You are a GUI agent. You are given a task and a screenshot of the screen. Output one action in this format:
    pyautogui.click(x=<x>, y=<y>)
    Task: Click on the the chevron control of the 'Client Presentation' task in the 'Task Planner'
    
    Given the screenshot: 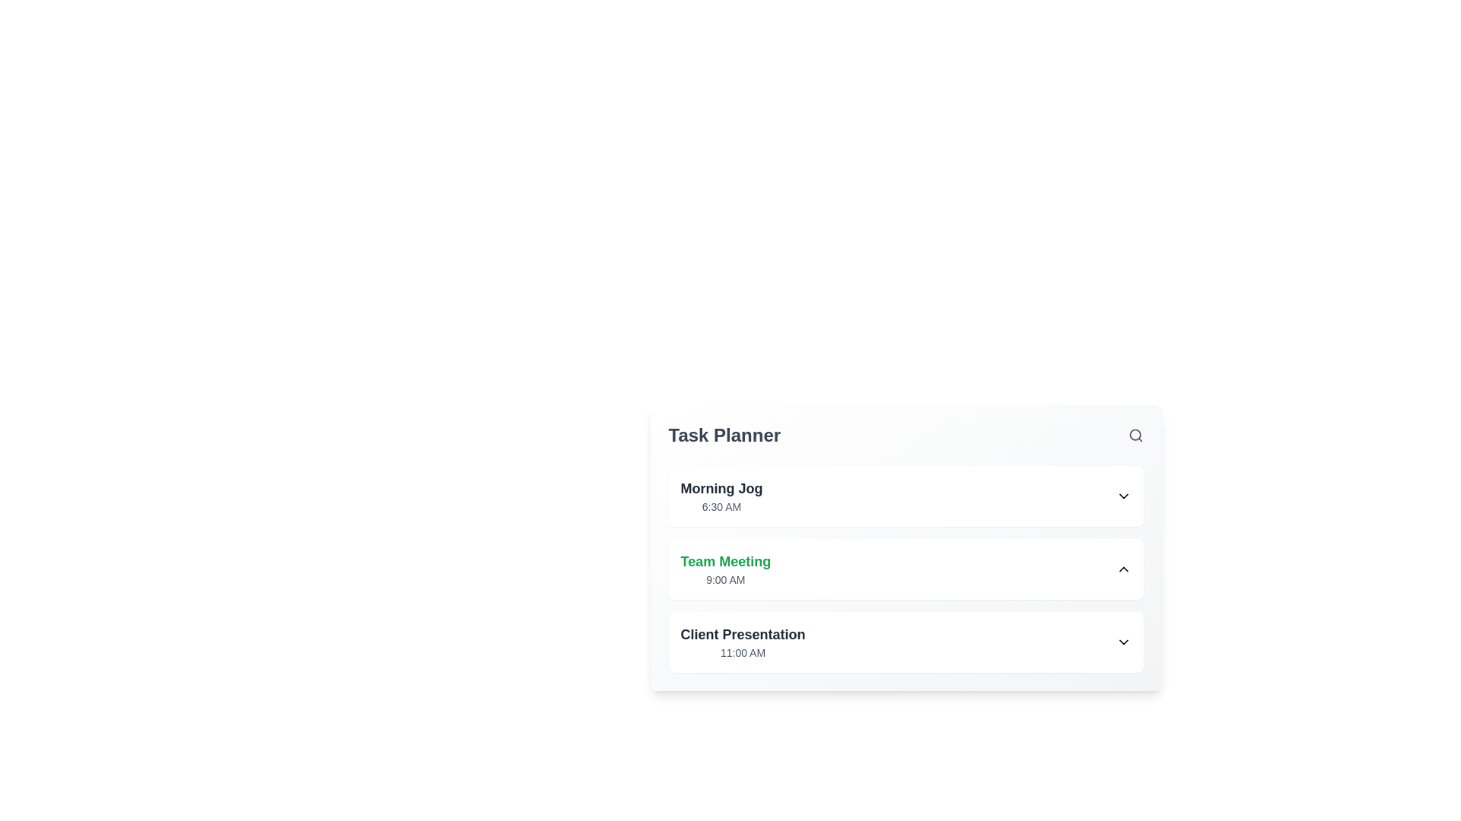 What is the action you would take?
    pyautogui.click(x=906, y=642)
    